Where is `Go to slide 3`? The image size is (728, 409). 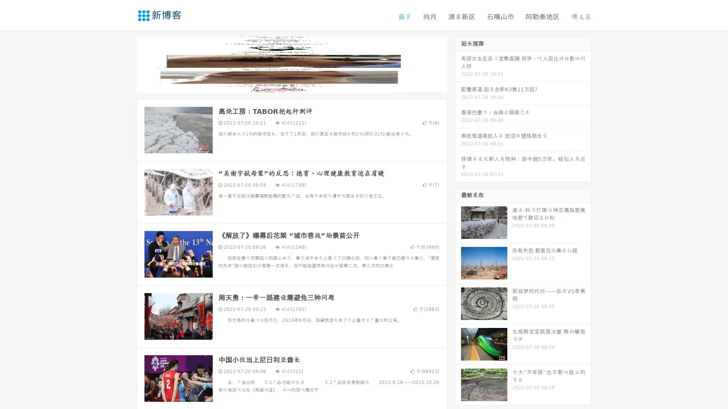
Go to slide 3 is located at coordinates (299, 85).